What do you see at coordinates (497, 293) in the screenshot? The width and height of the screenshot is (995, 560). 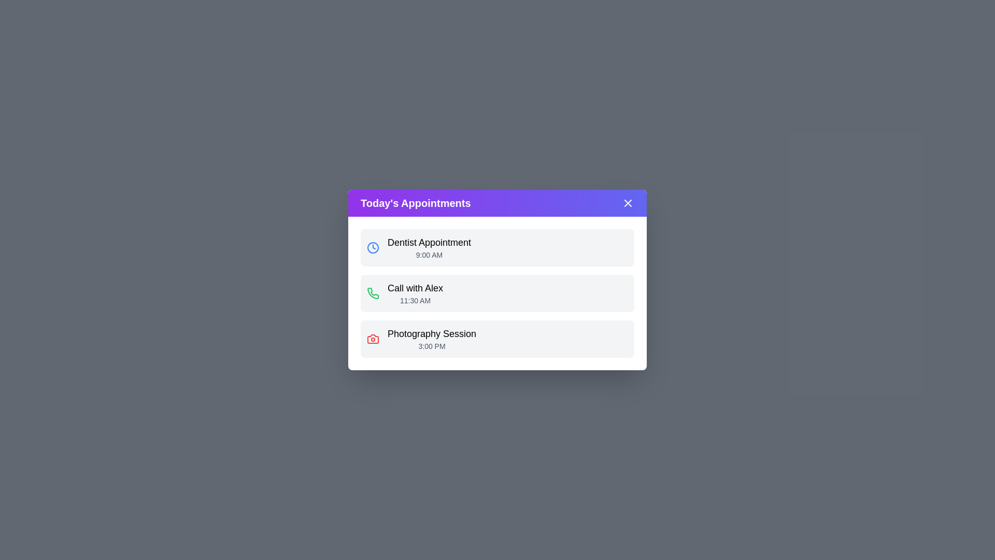 I see `the appointment item corresponding to Call with Alex` at bounding box center [497, 293].